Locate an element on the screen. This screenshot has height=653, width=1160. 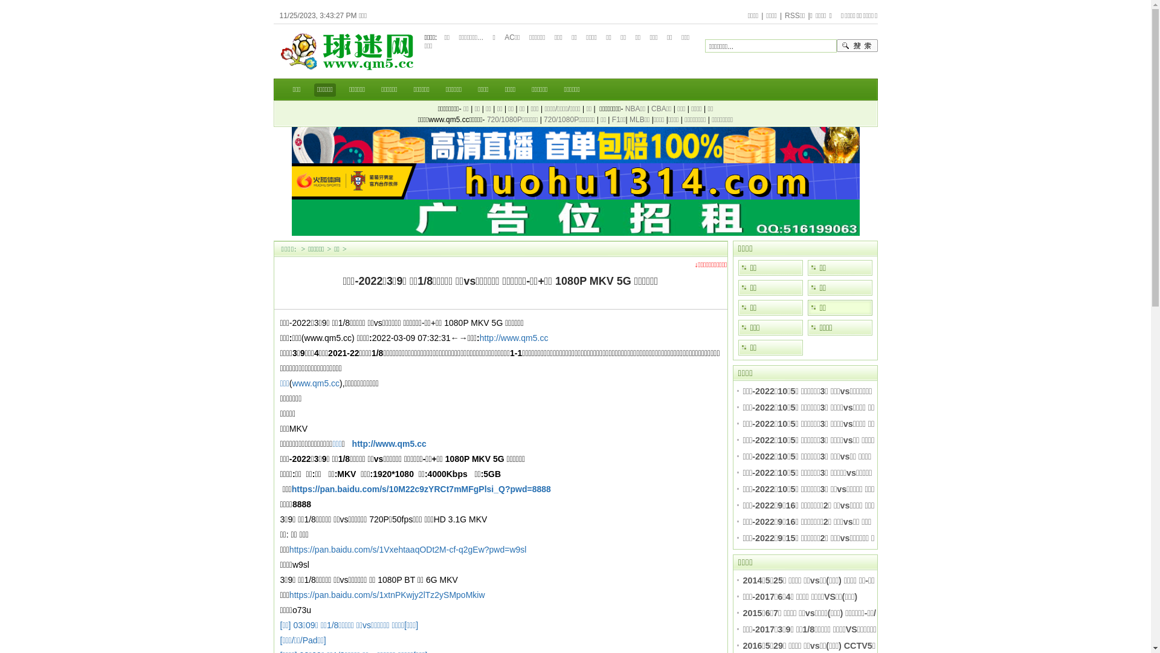
'https://pan.baidu.com/s/1VxehtaaqODt2M-cf-q2gEw?pwd=w9sl' is located at coordinates (408, 550).